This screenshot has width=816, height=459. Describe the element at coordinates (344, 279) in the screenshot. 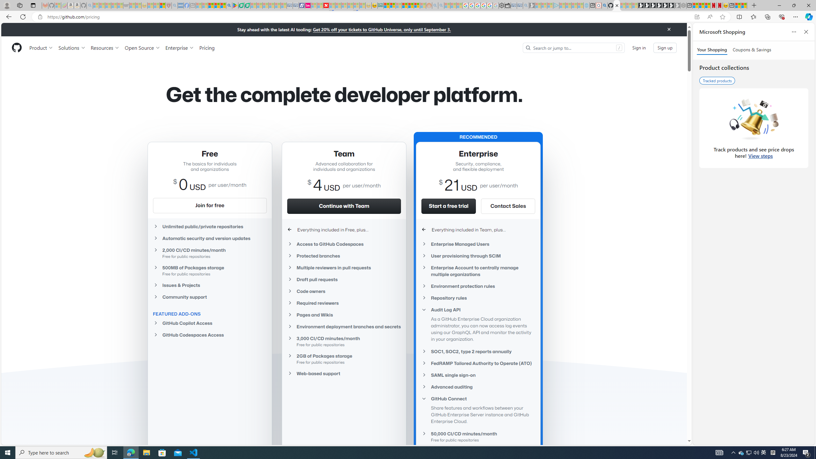

I see `'Draft pull requests'` at that location.